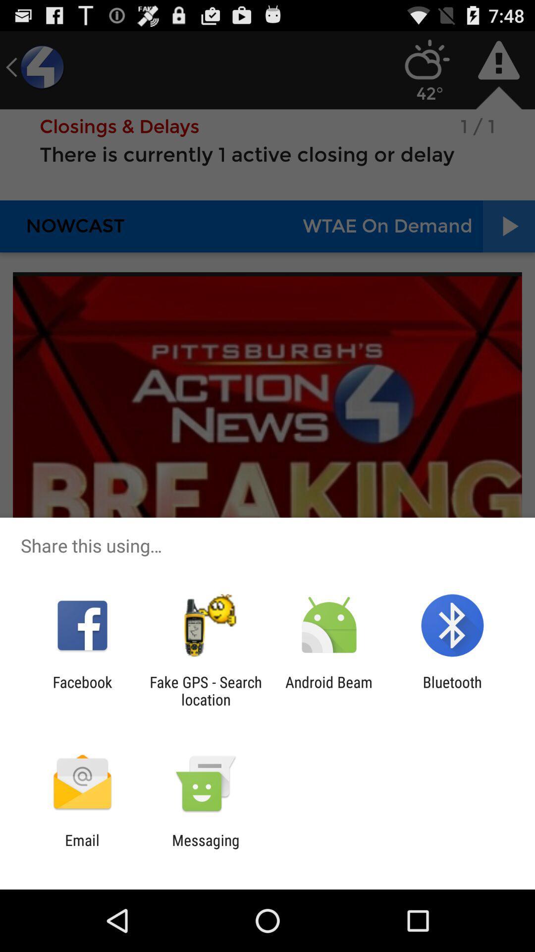 Image resolution: width=535 pixels, height=952 pixels. I want to click on app next to messaging item, so click(82, 848).